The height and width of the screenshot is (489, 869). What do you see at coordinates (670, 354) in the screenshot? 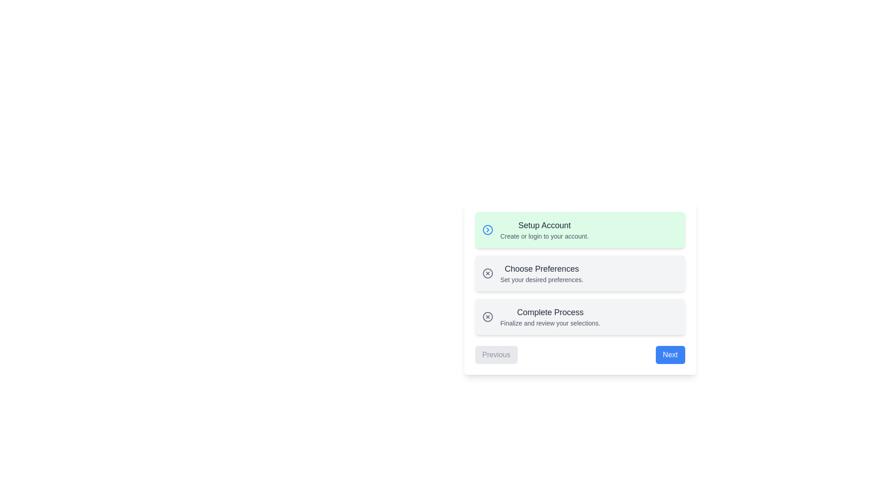
I see `the 'Next' button, which is a rectangular button with bold white text on a blue background, located at the bottom-right corner of the interface` at bounding box center [670, 354].